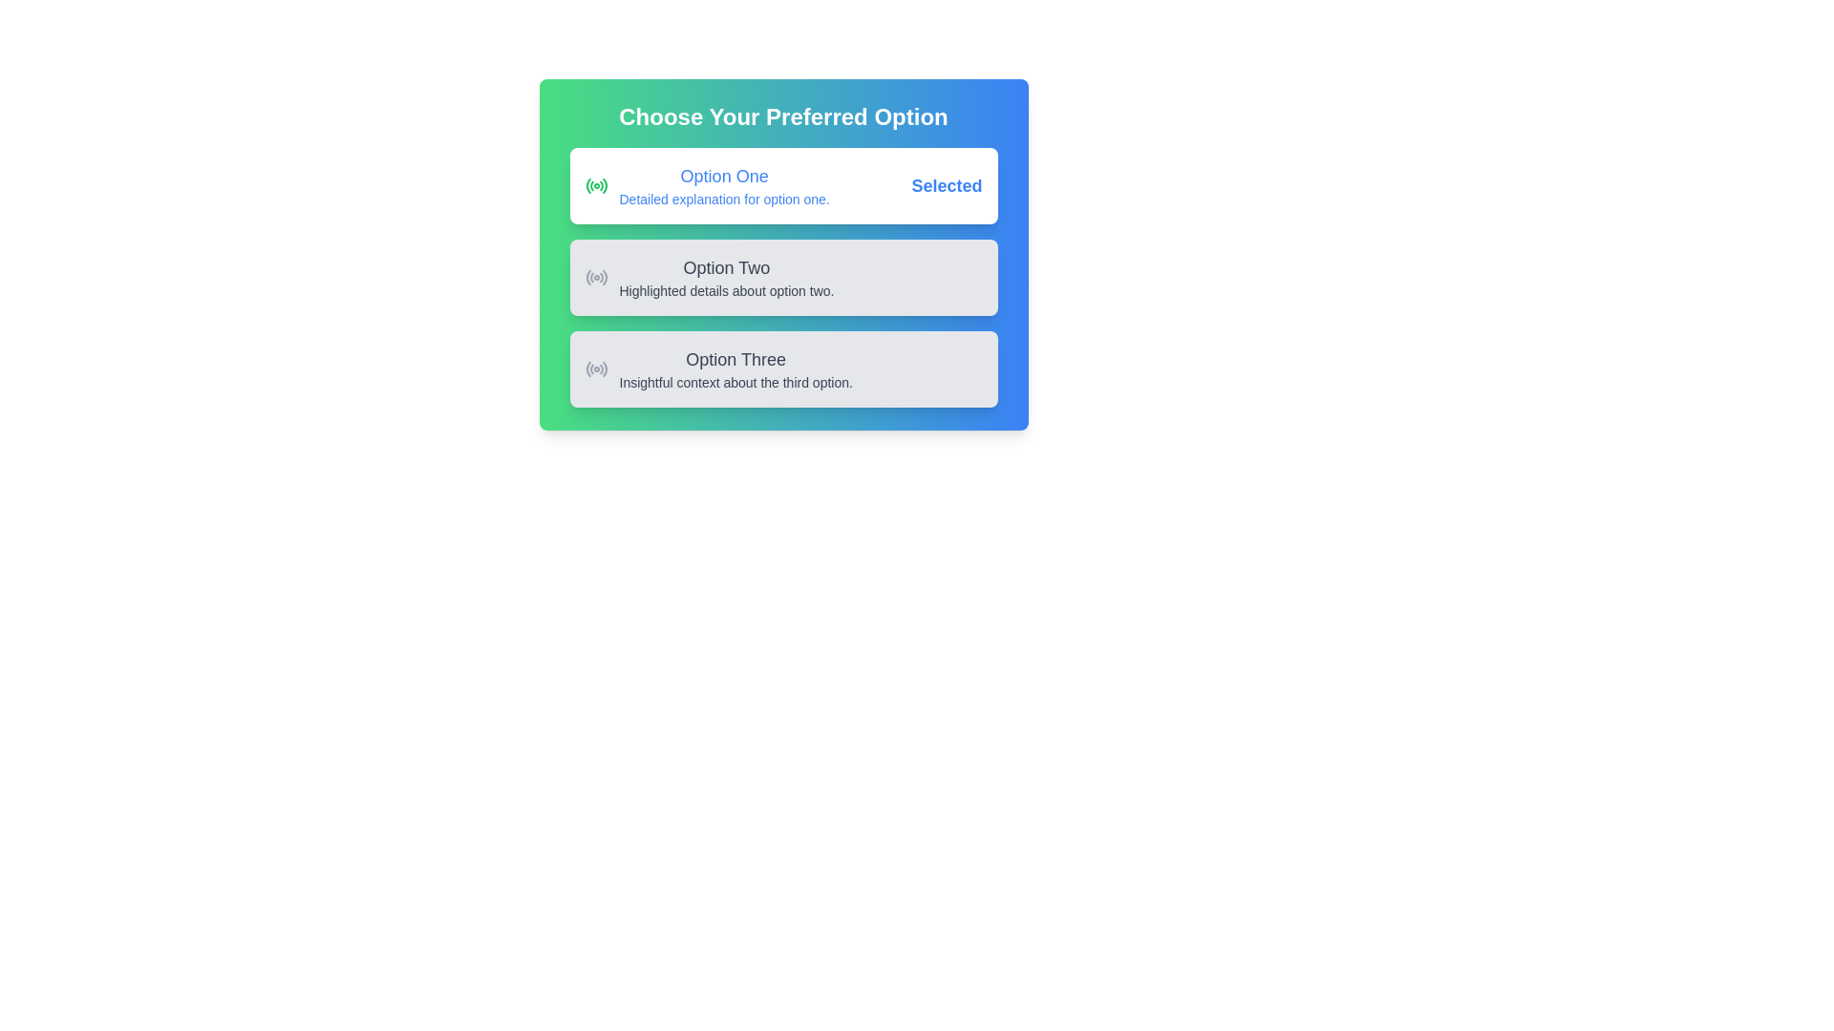  What do you see at coordinates (709, 277) in the screenshot?
I see `the Interactive Option Block titled 'Option Two'` at bounding box center [709, 277].